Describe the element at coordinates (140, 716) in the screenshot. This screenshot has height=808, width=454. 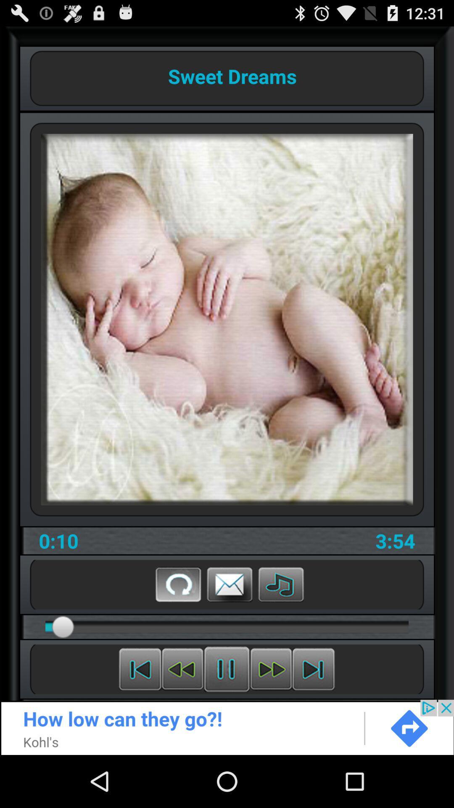
I see `the skip_previous icon` at that location.